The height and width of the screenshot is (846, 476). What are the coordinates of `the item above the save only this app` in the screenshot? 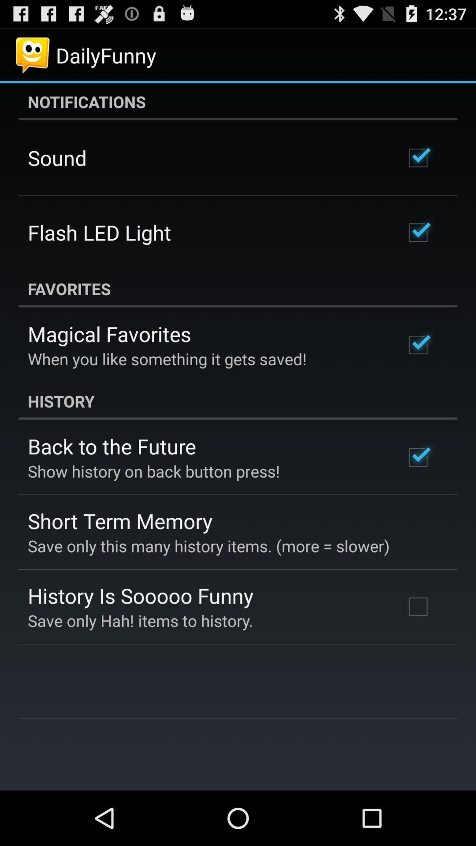 It's located at (120, 521).